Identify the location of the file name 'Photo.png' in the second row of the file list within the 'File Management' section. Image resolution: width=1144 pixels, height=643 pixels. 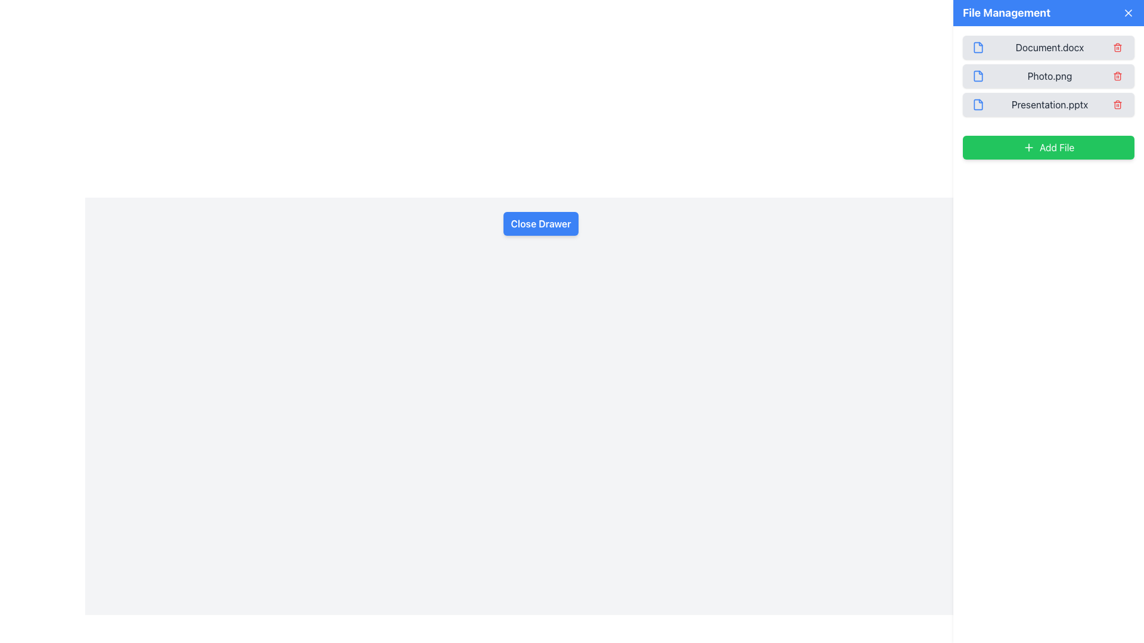
(1049, 76).